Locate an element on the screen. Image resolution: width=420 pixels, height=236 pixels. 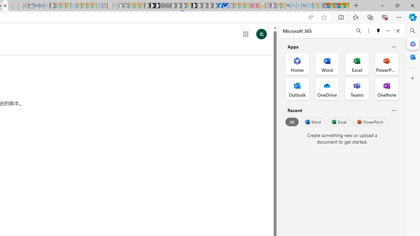
'More options' is located at coordinates (368, 30).